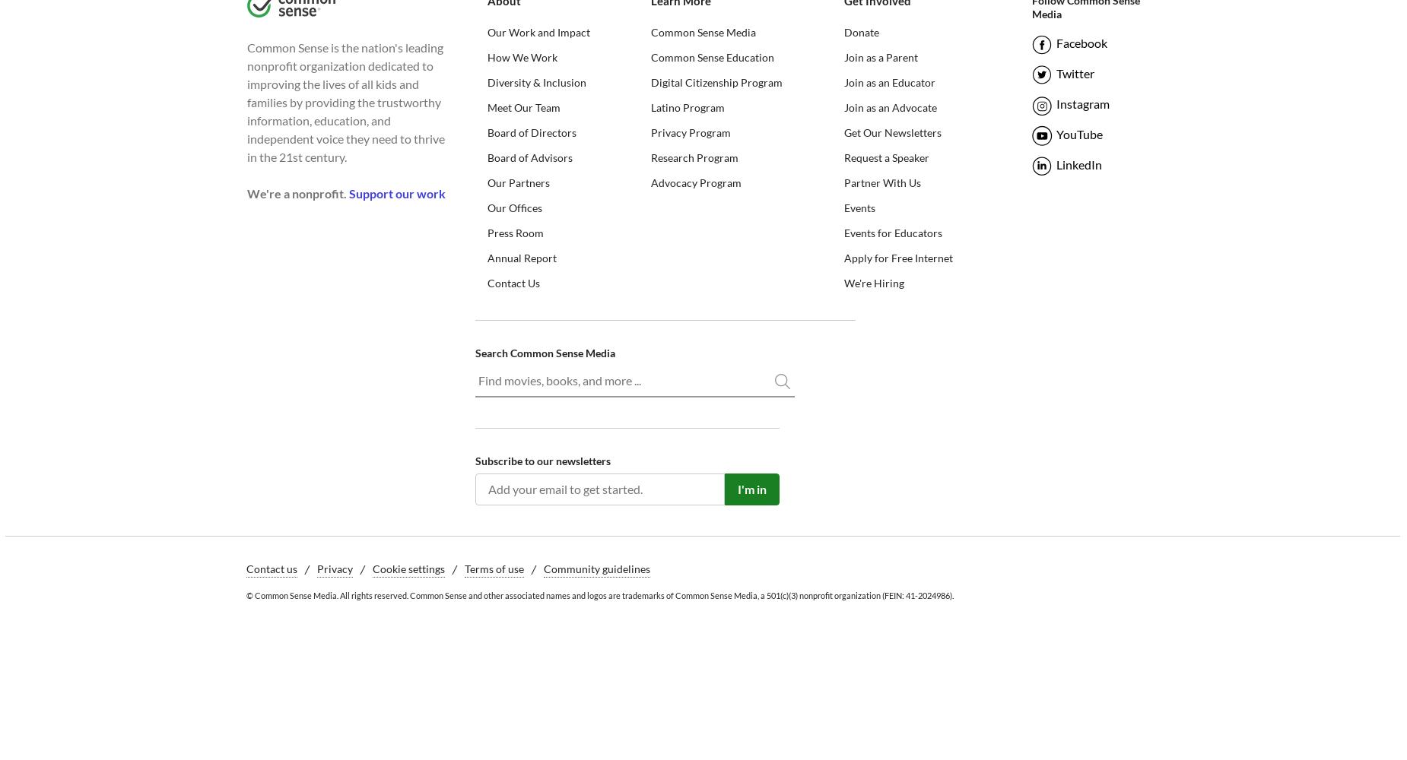 This screenshot has height=760, width=1407. I want to click on 'Subscribe to our newsletters', so click(542, 460).